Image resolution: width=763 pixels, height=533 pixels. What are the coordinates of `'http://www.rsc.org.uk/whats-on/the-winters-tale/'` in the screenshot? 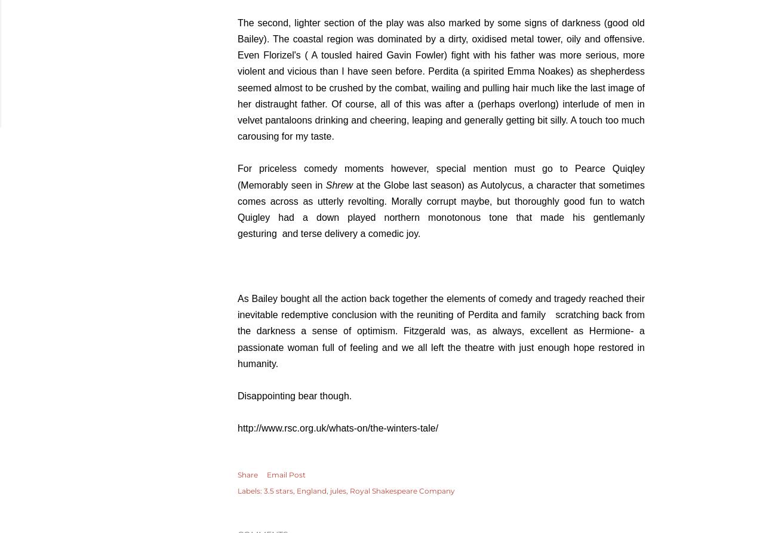 It's located at (338, 428).